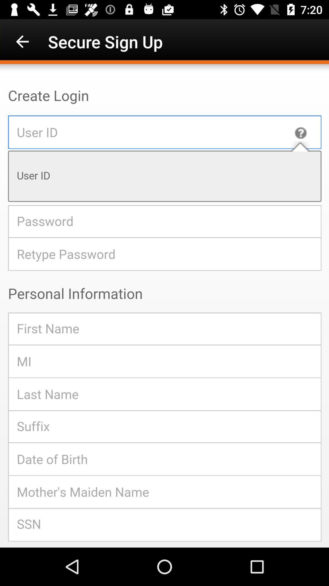 The width and height of the screenshot is (329, 586). What do you see at coordinates (164, 306) in the screenshot?
I see `sign up page` at bounding box center [164, 306].